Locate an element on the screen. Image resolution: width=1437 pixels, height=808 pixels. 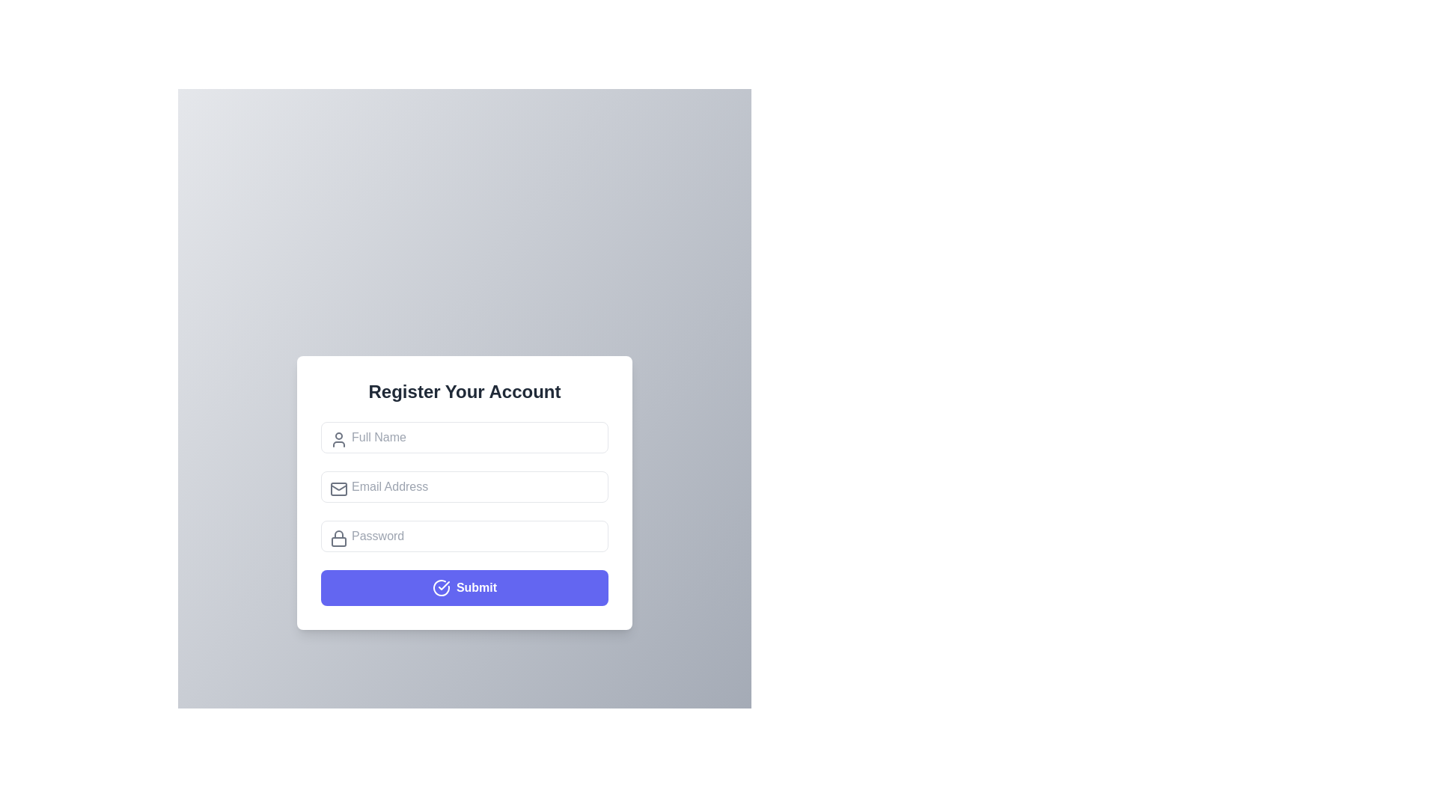
the grey rectangular icon with rounded corners embedded inside the envelope icon, located to the left of the 'Email Address' input field in the 'Register Your Account' form interface is located at coordinates (338, 488).